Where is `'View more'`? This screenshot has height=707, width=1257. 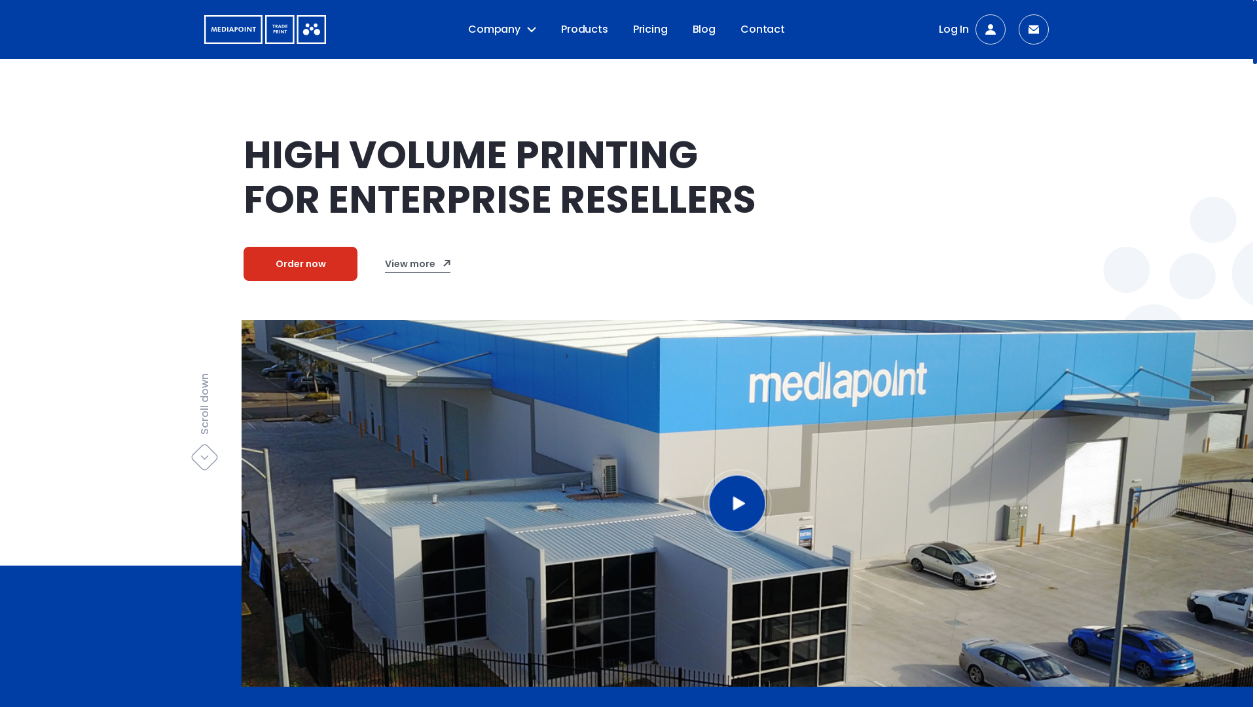 'View more' is located at coordinates (417, 264).